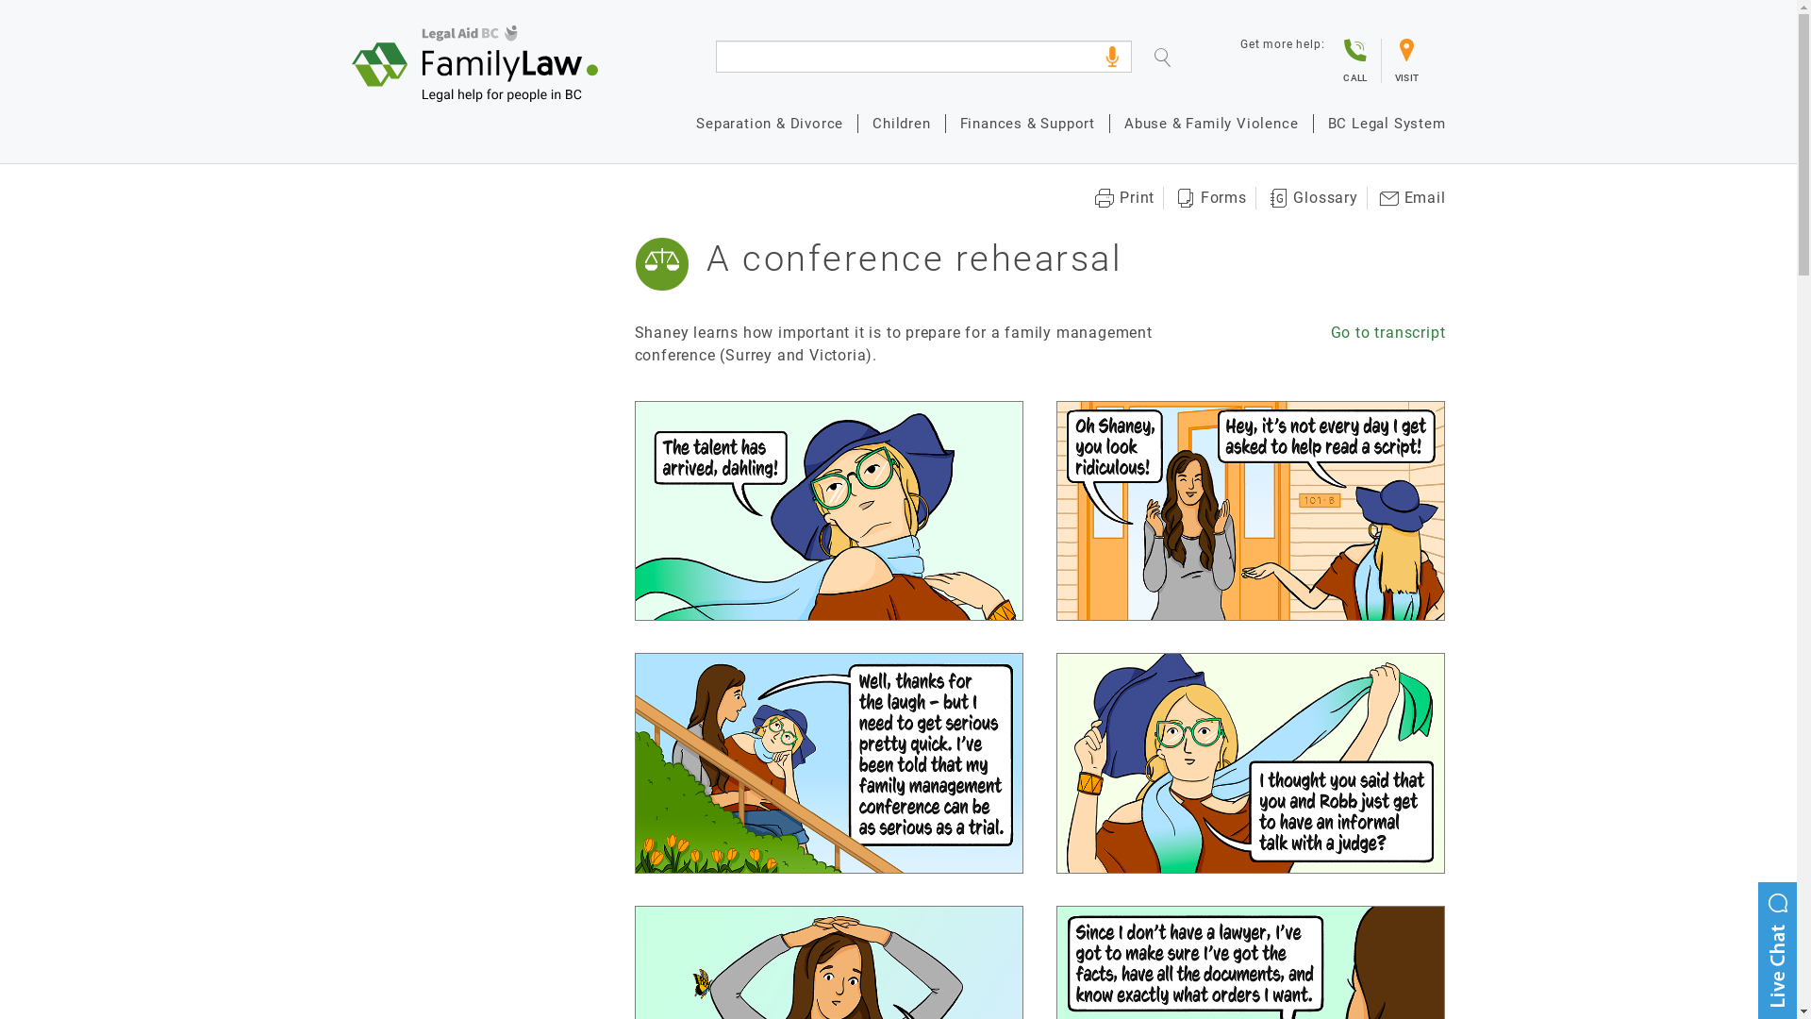  Describe the element at coordinates (770, 124) in the screenshot. I see `'Separation & Divorce'` at that location.